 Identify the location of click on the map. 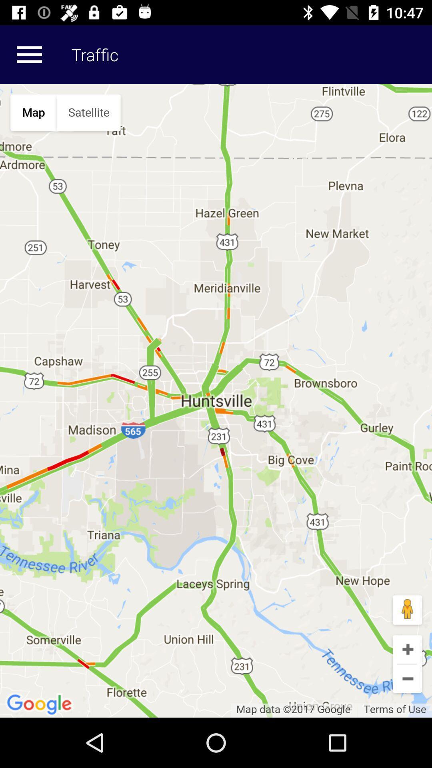
(216, 401).